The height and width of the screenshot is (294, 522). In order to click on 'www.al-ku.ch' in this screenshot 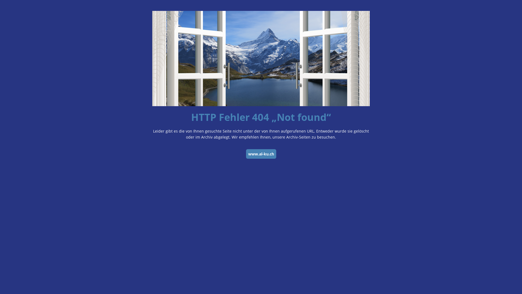, I will do `click(245, 154)`.